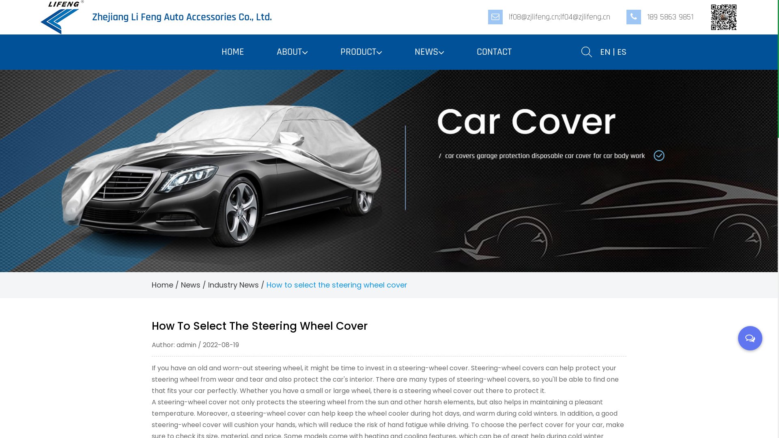 The height and width of the screenshot is (438, 779). Describe the element at coordinates (292, 52) in the screenshot. I see `'ABOUT'` at that location.